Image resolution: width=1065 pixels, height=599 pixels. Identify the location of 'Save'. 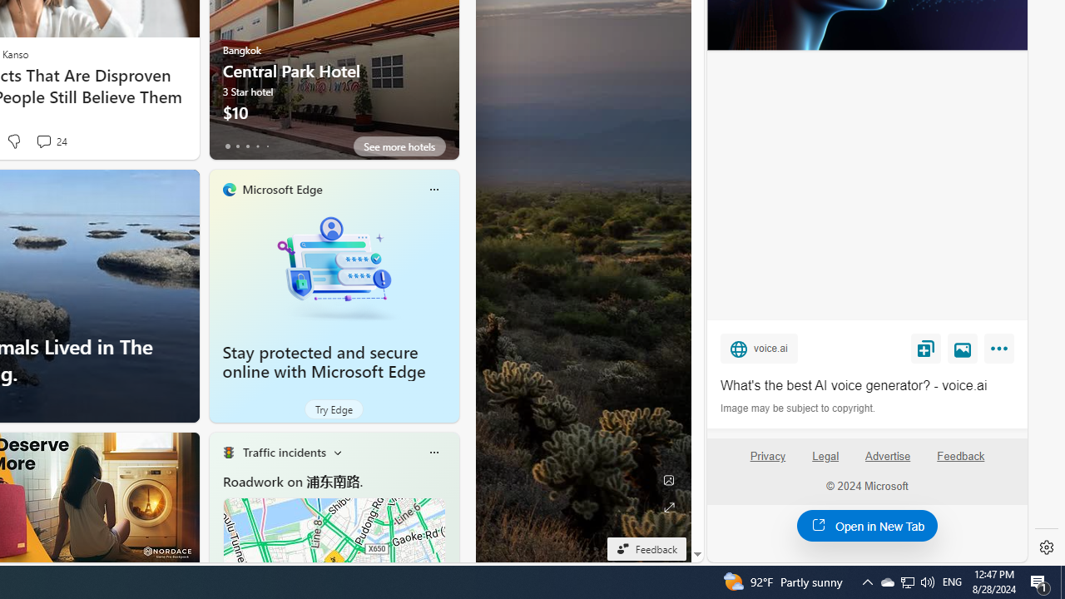
(924, 348).